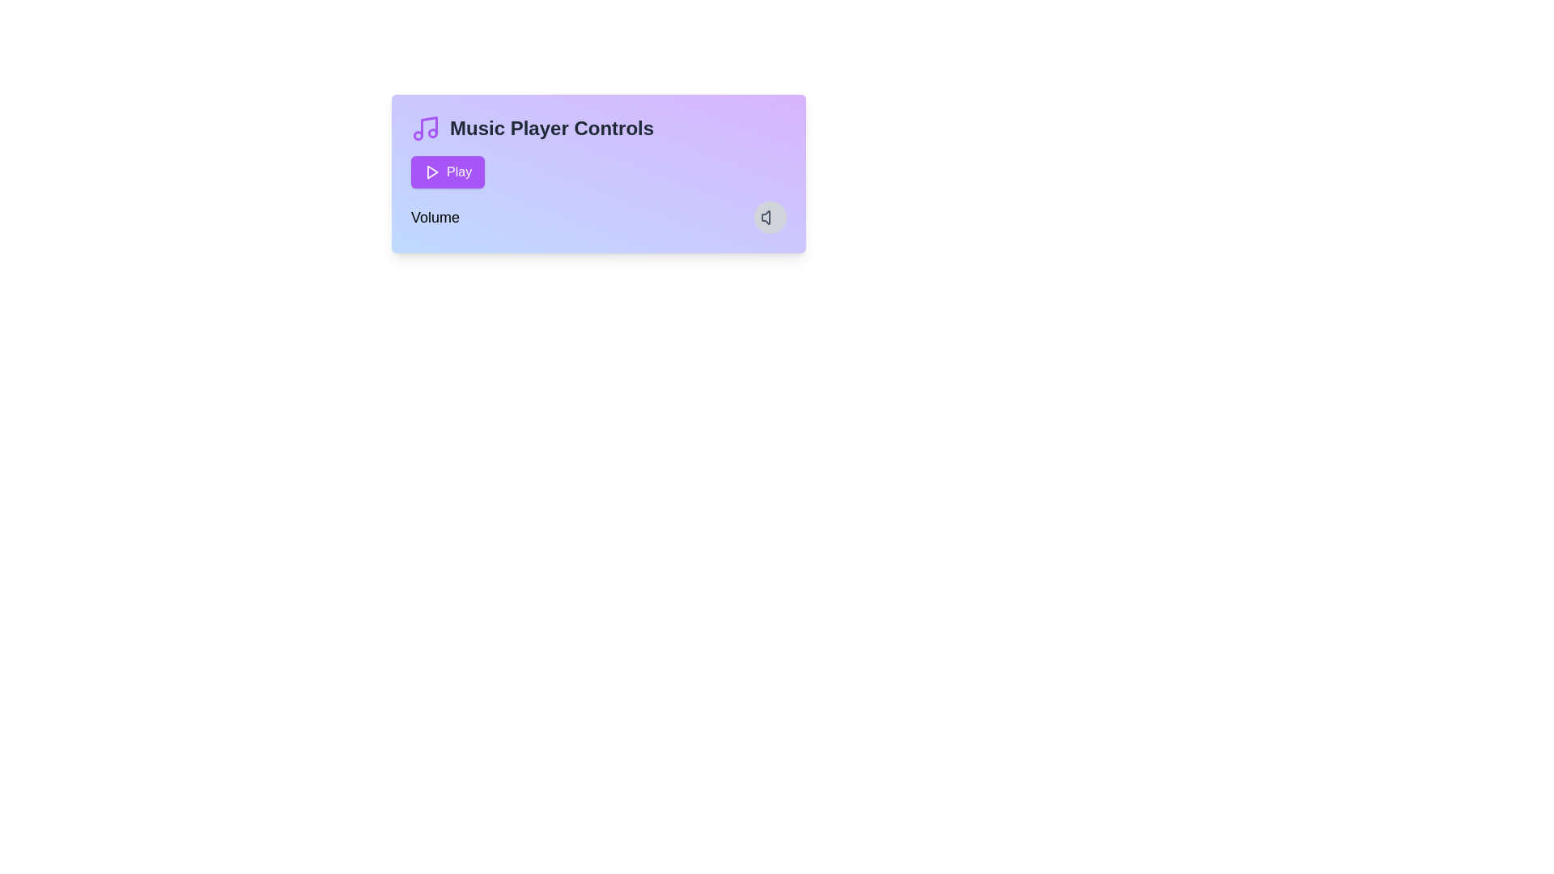  Describe the element at coordinates (458, 172) in the screenshot. I see `the 'Play' label which is displayed in white color inside a purple button, located under the 'Music Player Controls' heading` at that location.